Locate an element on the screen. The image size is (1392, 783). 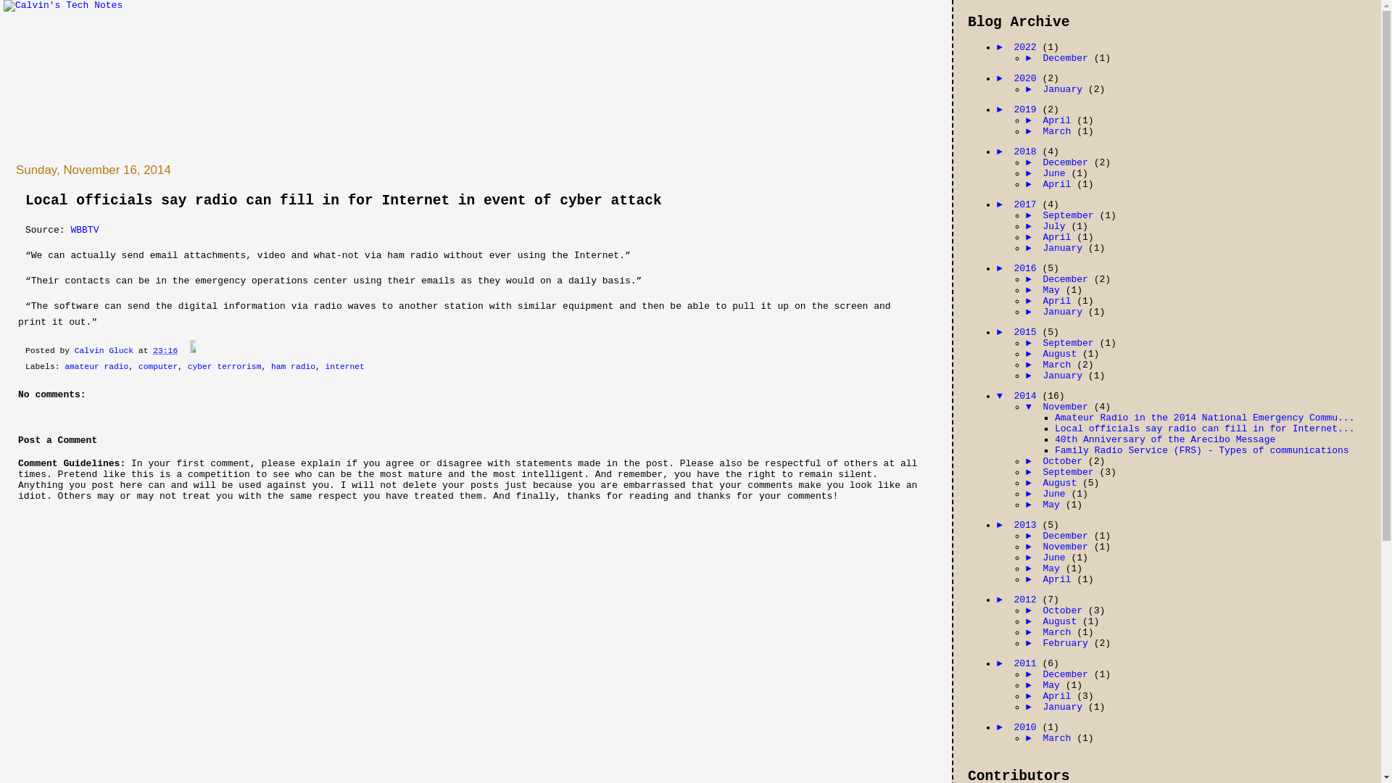
'Edit Post' is located at coordinates (188, 350).